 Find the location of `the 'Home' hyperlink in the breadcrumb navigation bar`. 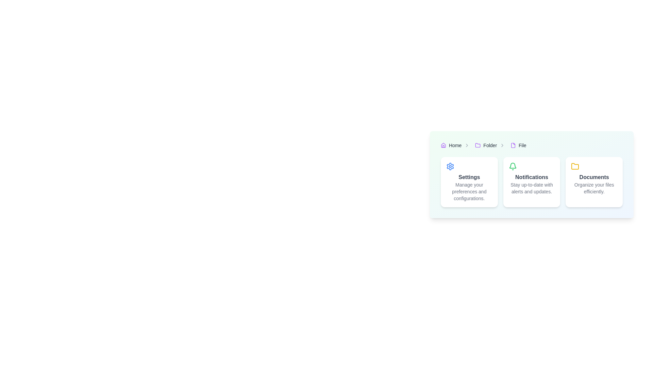

the 'Home' hyperlink in the breadcrumb navigation bar is located at coordinates (455, 145).